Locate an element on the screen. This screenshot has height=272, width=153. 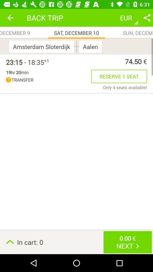
app below sat, december 10 icon is located at coordinates (76, 46).